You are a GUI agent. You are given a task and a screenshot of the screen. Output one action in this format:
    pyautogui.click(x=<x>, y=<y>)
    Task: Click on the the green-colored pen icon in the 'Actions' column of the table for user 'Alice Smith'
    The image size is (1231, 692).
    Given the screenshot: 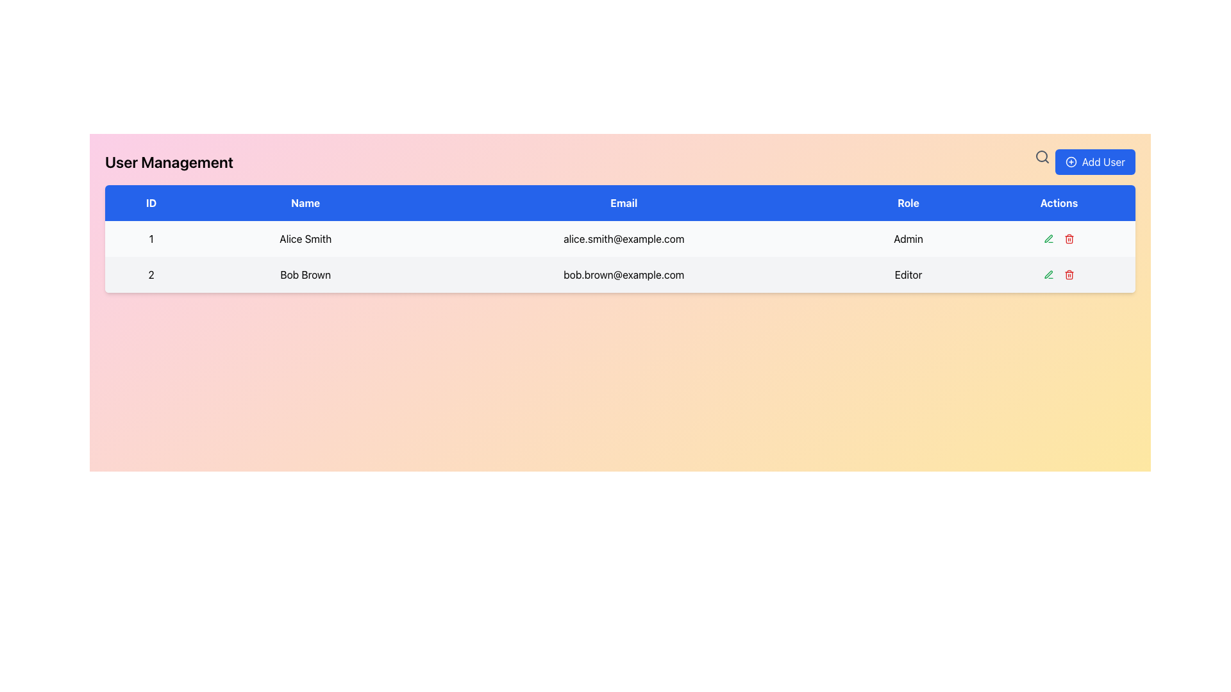 What is the action you would take?
    pyautogui.click(x=1048, y=274)
    